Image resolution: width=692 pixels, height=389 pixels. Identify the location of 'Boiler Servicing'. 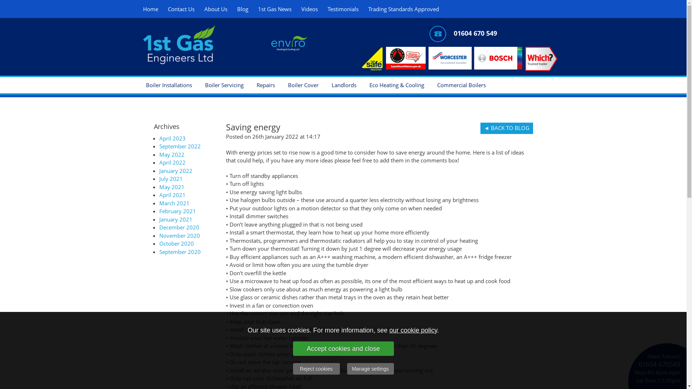
(223, 84).